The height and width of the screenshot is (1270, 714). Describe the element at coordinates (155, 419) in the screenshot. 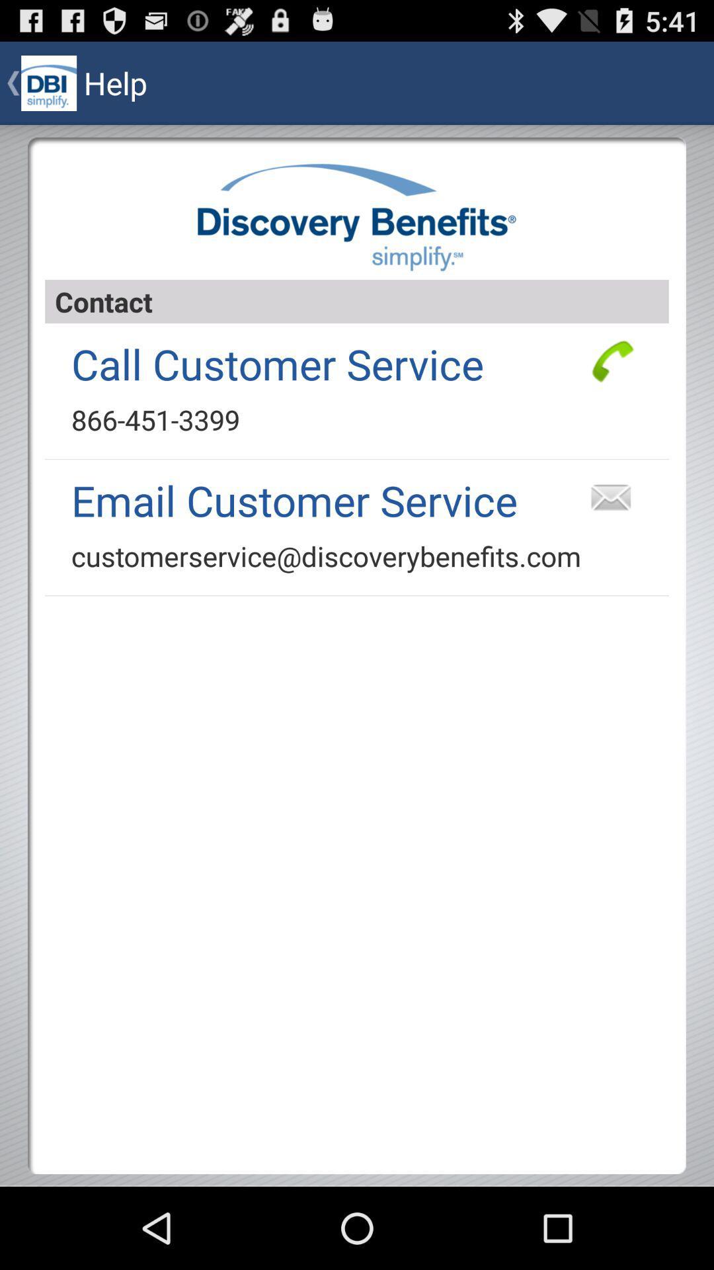

I see `app above email customer service item` at that location.